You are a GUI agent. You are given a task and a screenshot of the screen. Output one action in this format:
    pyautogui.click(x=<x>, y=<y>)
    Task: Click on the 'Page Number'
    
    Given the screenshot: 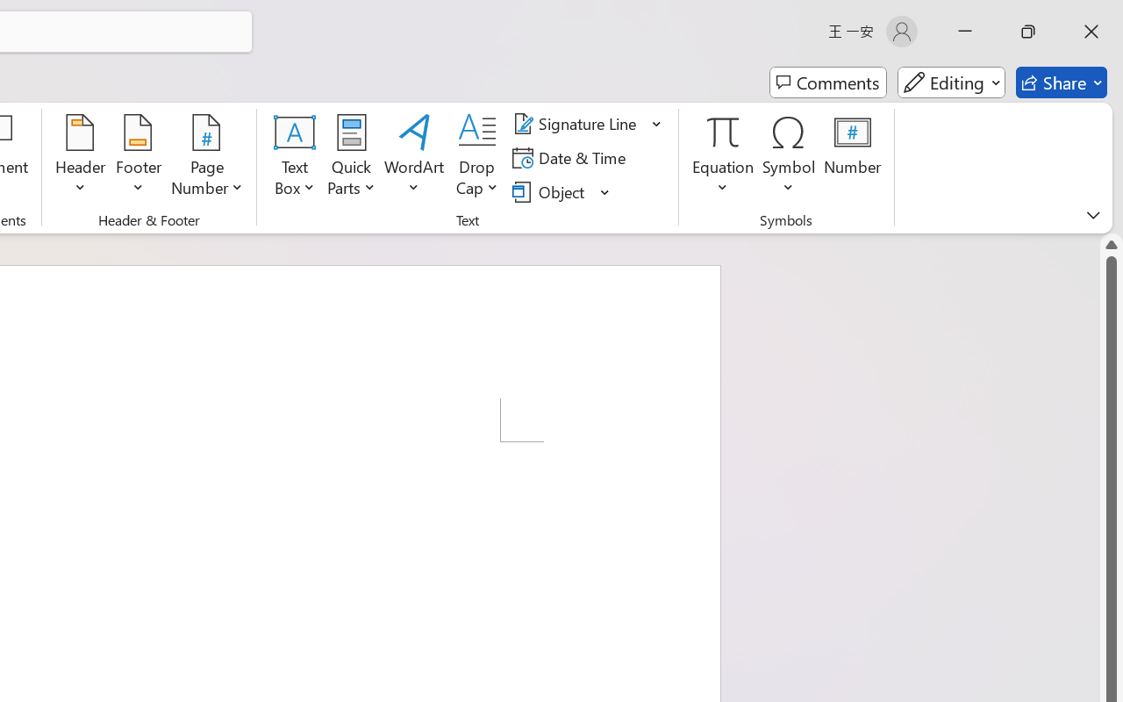 What is the action you would take?
    pyautogui.click(x=207, y=157)
    